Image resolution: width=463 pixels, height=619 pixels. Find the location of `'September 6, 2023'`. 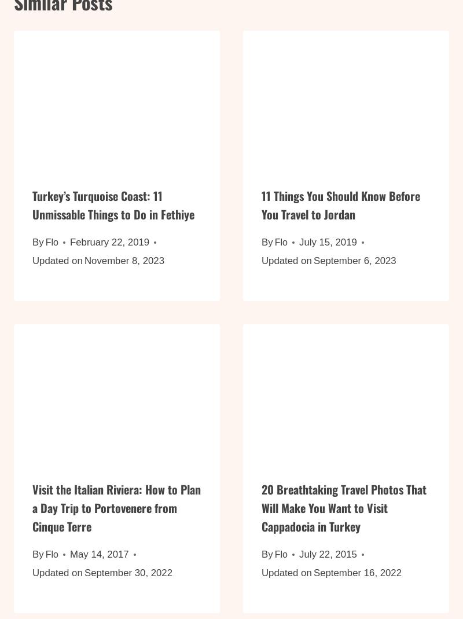

'September 6, 2023' is located at coordinates (354, 267).